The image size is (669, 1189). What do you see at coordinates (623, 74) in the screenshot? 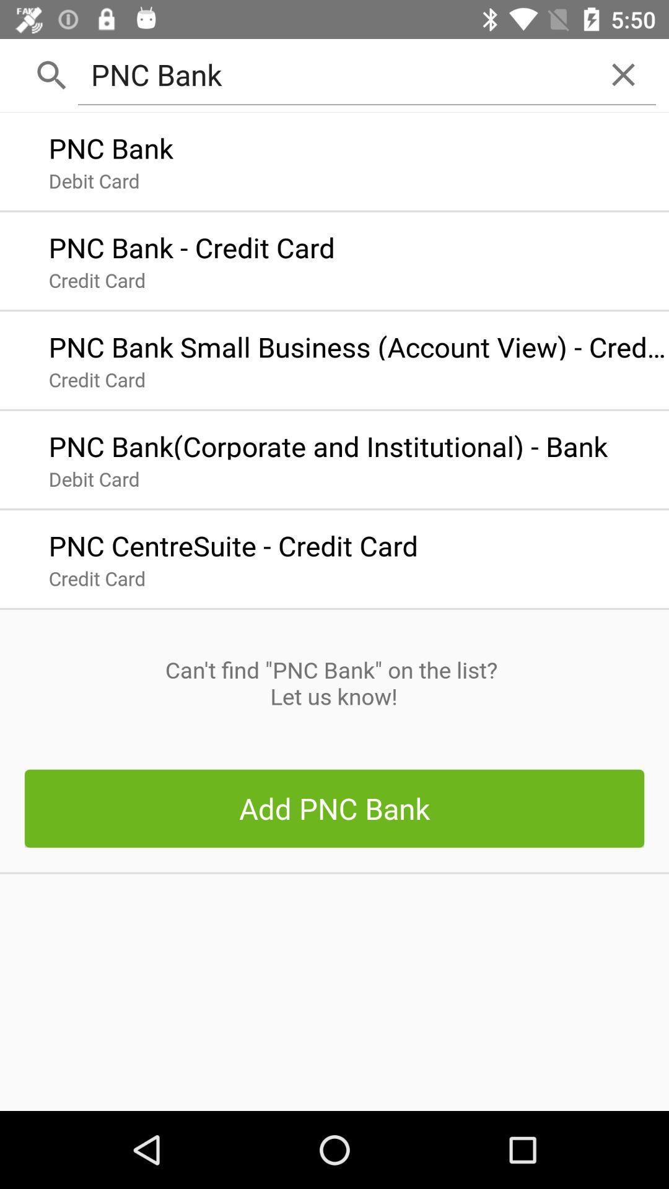
I see `icon next to the pnc bank icon` at bounding box center [623, 74].